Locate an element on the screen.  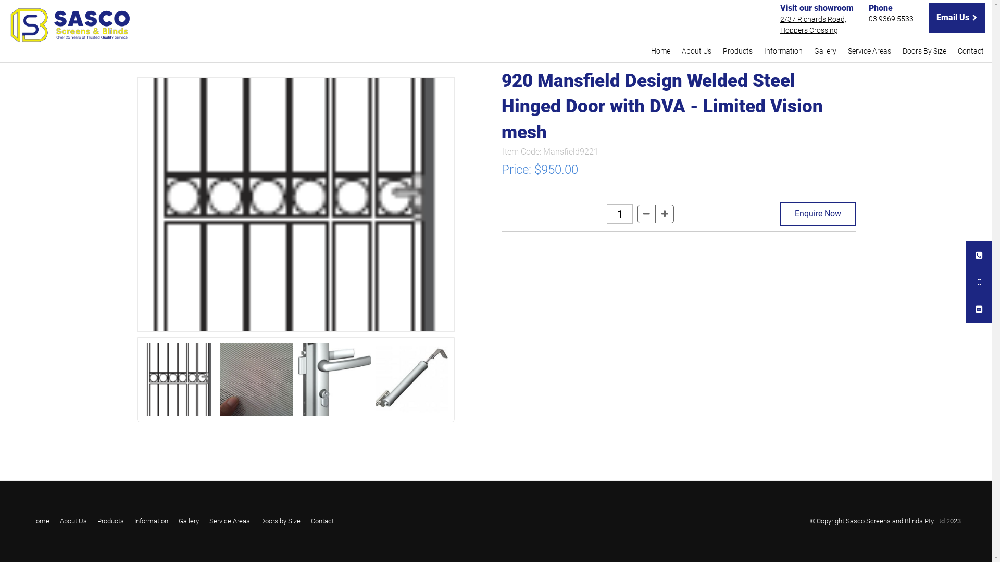
'Contact' is located at coordinates (322, 521).